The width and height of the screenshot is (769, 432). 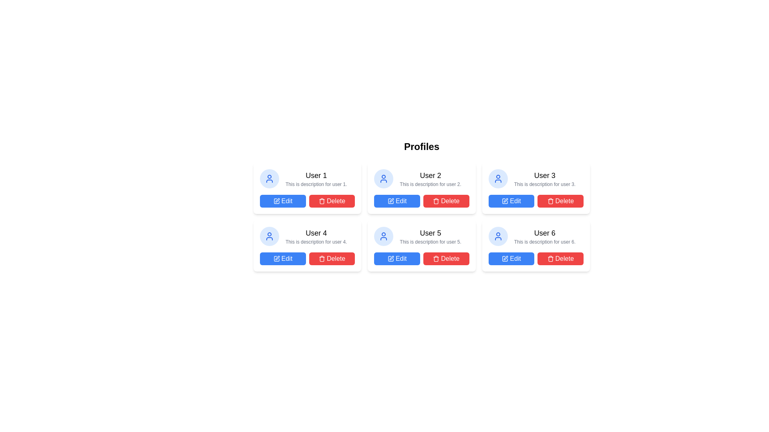 What do you see at coordinates (545, 175) in the screenshot?
I see `the text label displaying 'User 3', which is styled with medium font weight and larger font size, located above another text element in a profile card layout` at bounding box center [545, 175].